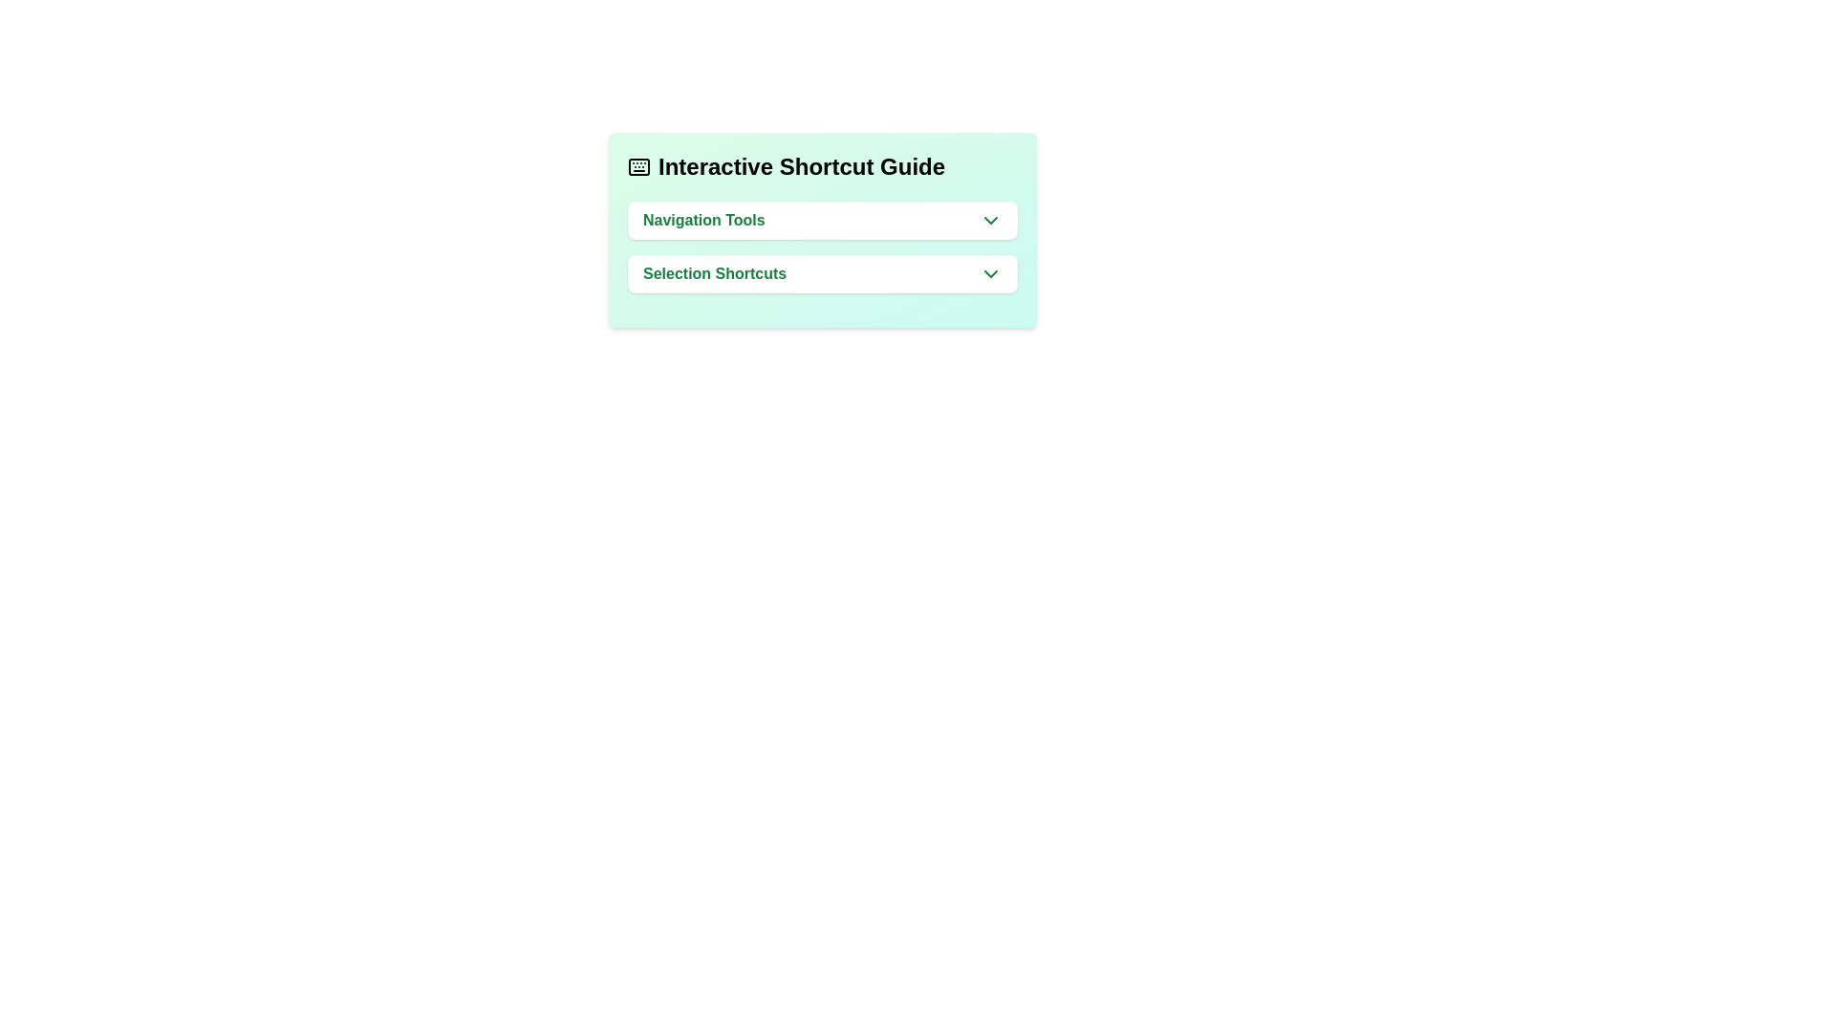 Image resolution: width=1835 pixels, height=1032 pixels. I want to click on the icon located to the far right within the 'Selection Shortcuts' list item, so click(990, 273).